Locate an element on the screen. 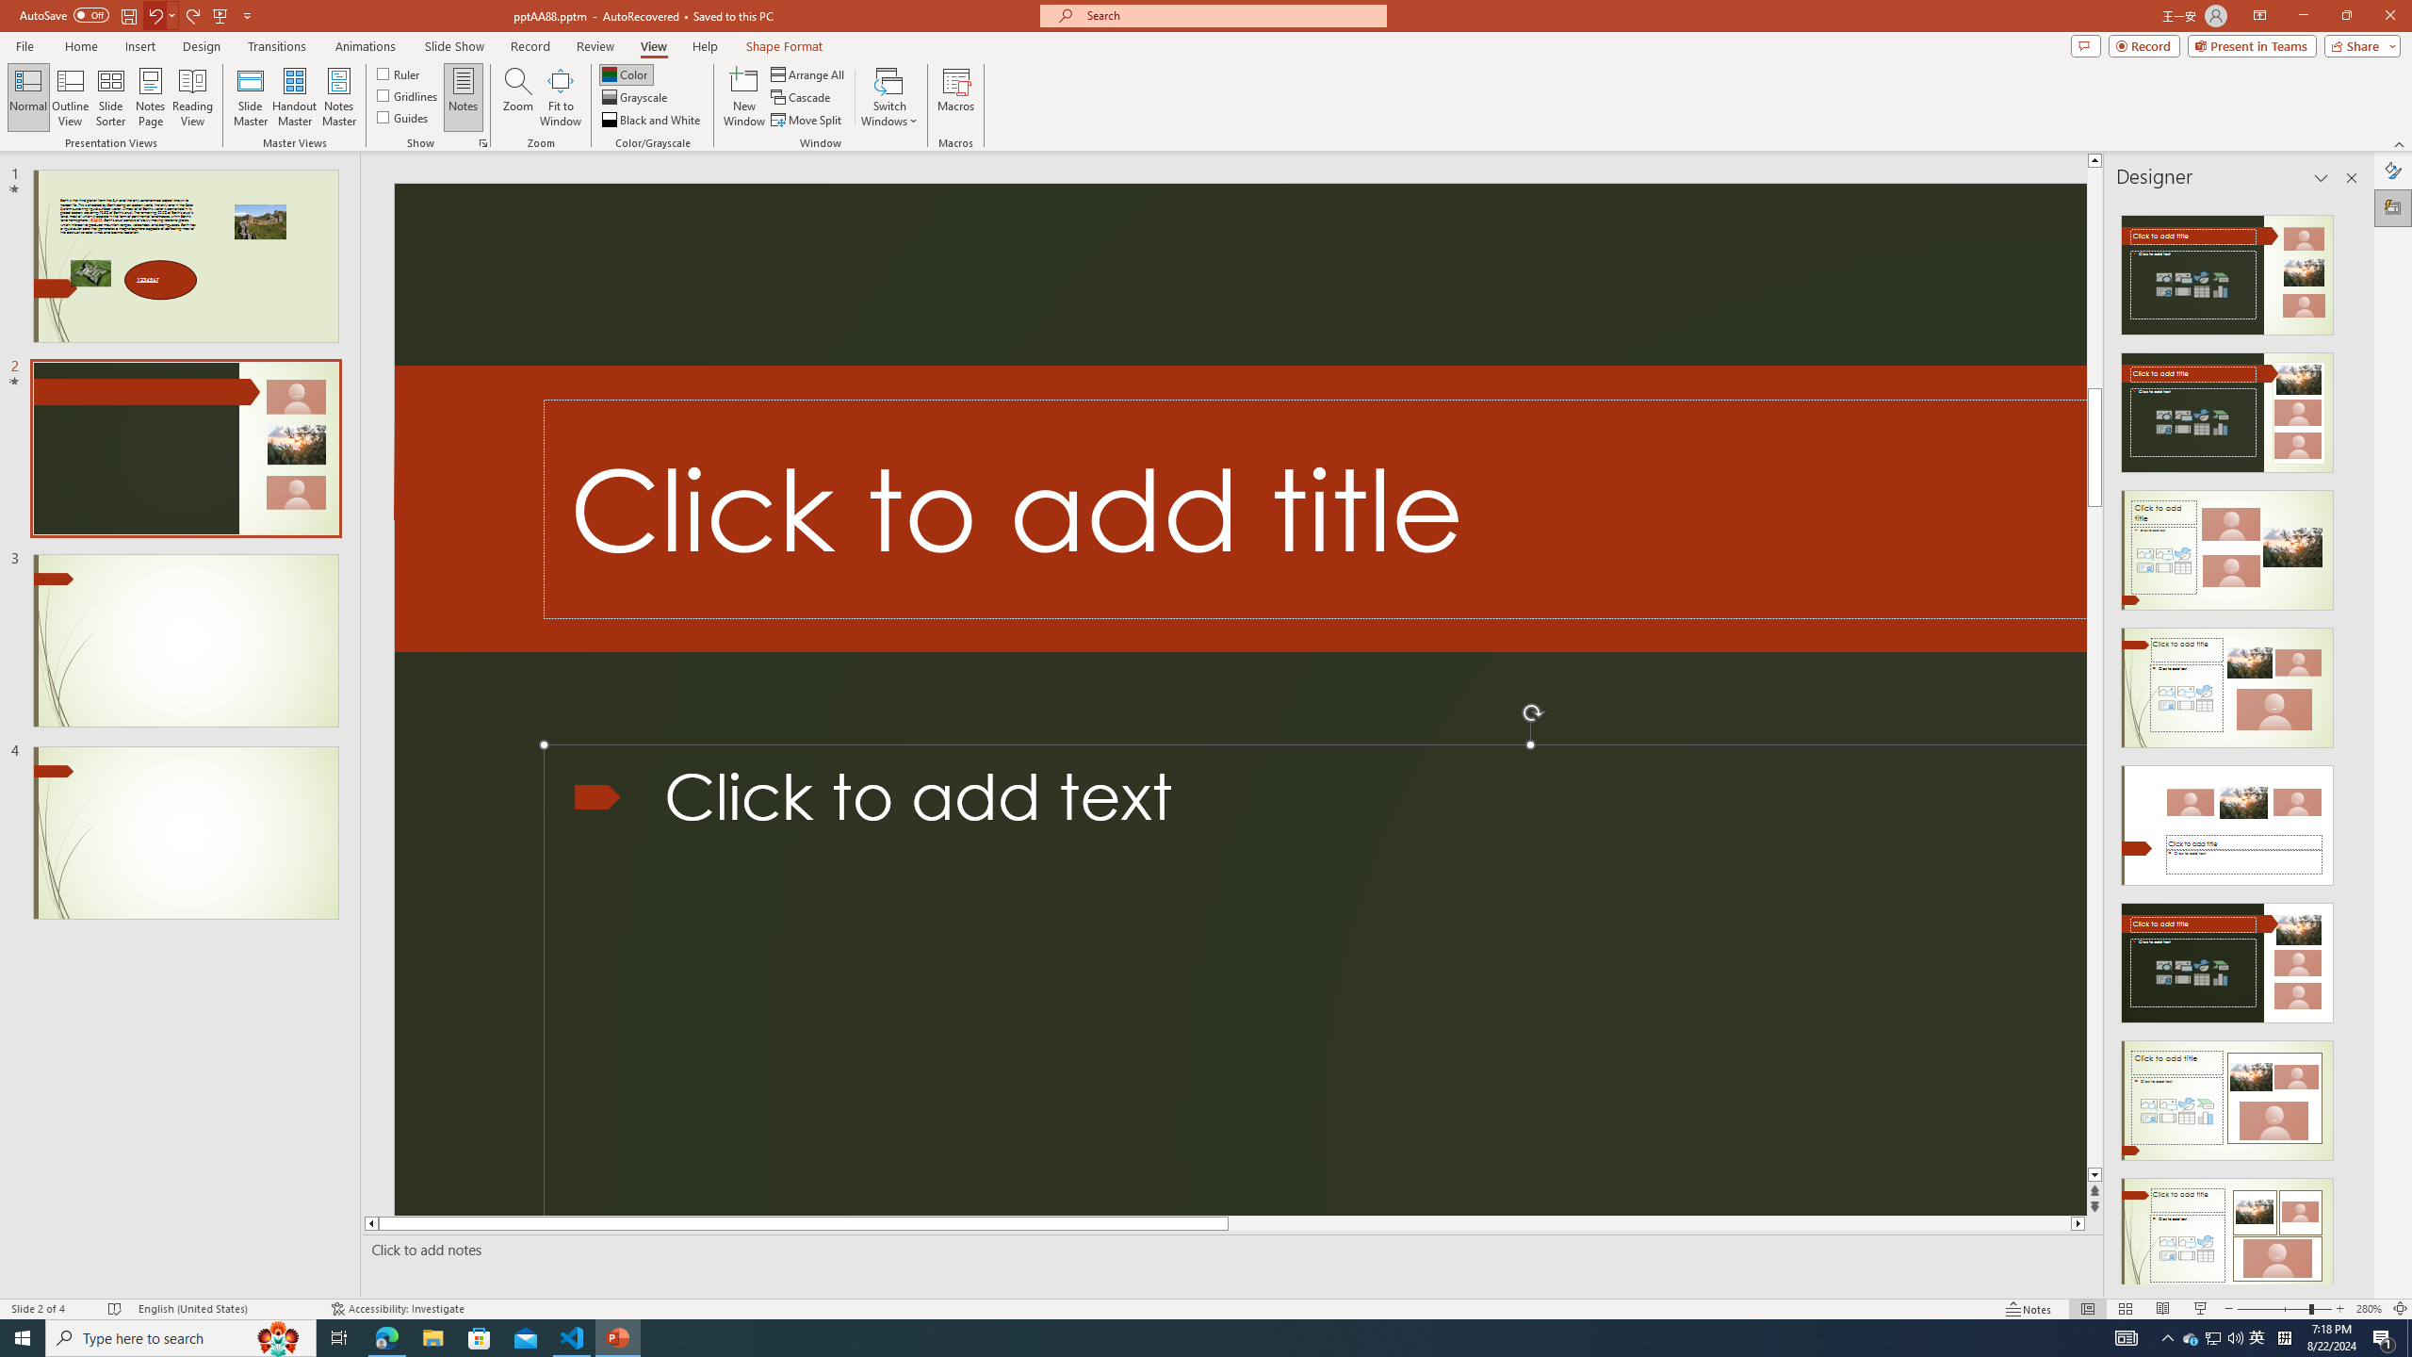 This screenshot has width=2412, height=1357. 'Cascade' is located at coordinates (802, 97).